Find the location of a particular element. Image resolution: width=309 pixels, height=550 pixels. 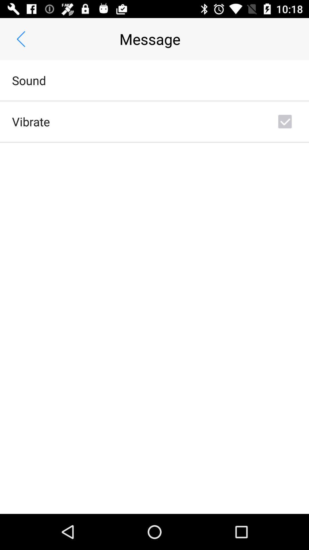

icon to the right of vibrate is located at coordinates (285, 121).